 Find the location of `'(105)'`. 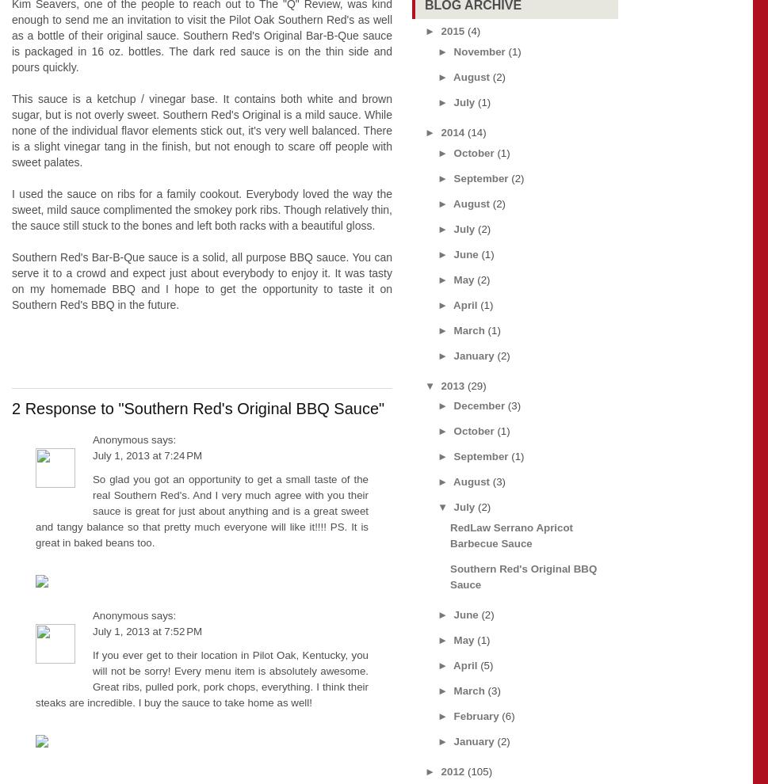

'(105)' is located at coordinates (479, 771).